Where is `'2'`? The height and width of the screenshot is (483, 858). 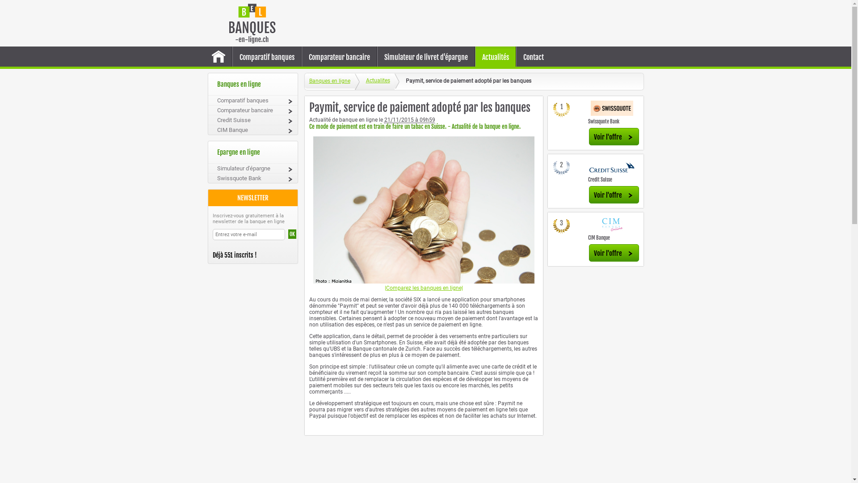
'2' is located at coordinates (561, 169).